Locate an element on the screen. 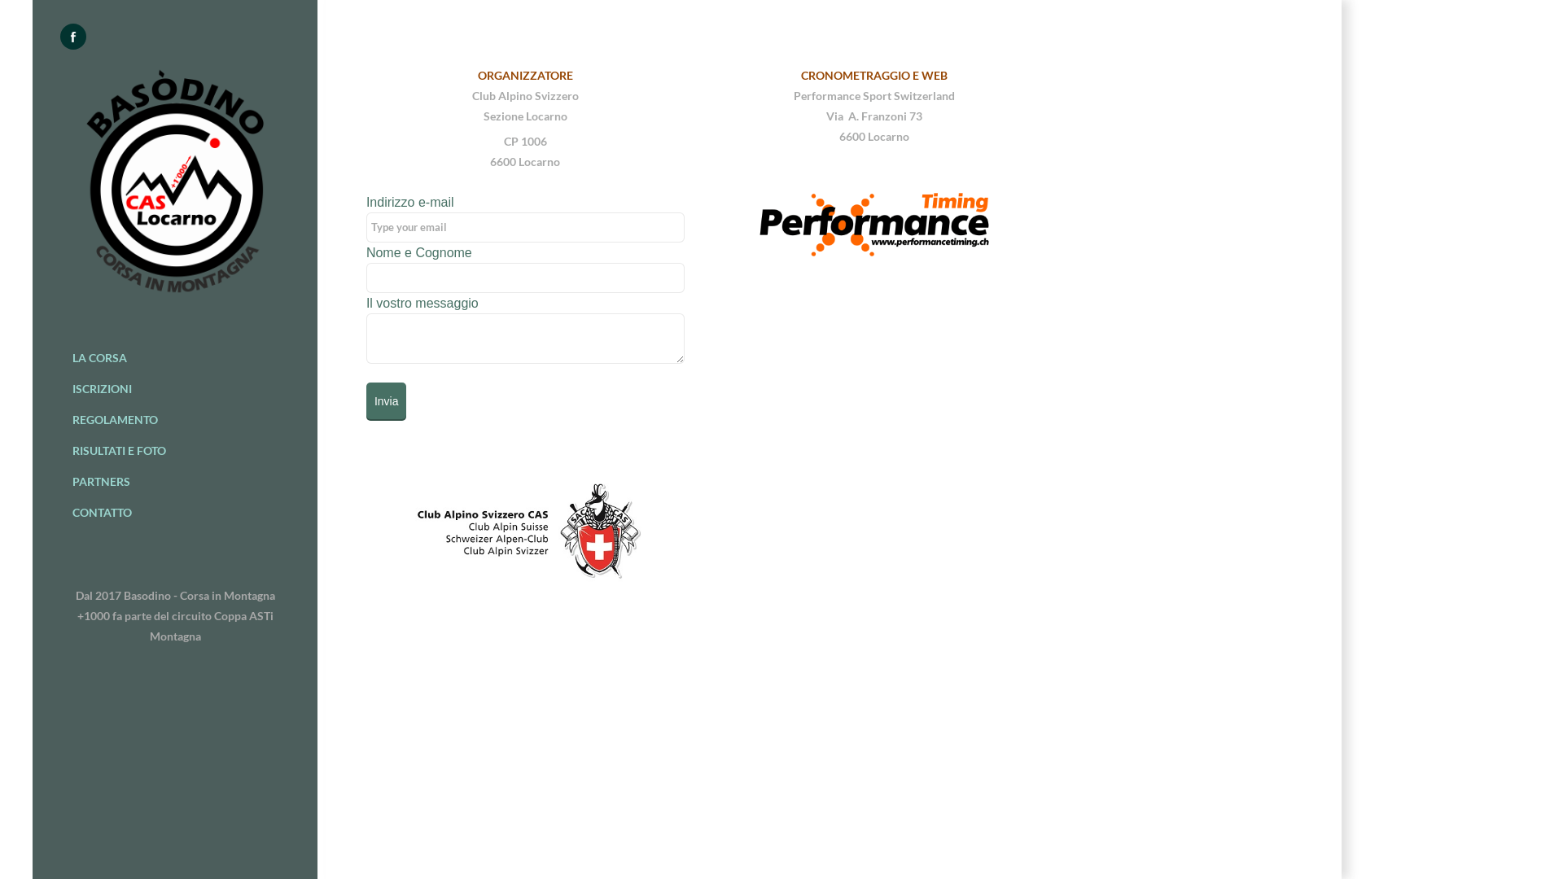 Image resolution: width=1563 pixels, height=879 pixels. 'Facebook' is located at coordinates (72, 37).